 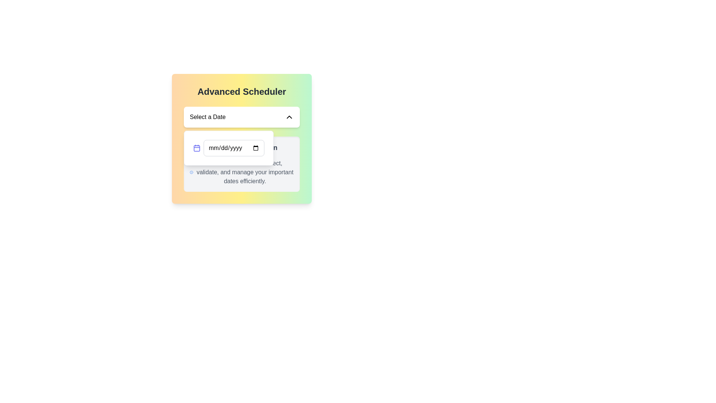 What do you see at coordinates (242, 117) in the screenshot?
I see `the dropdown selector located below the 'Advanced Scheduler' title` at bounding box center [242, 117].